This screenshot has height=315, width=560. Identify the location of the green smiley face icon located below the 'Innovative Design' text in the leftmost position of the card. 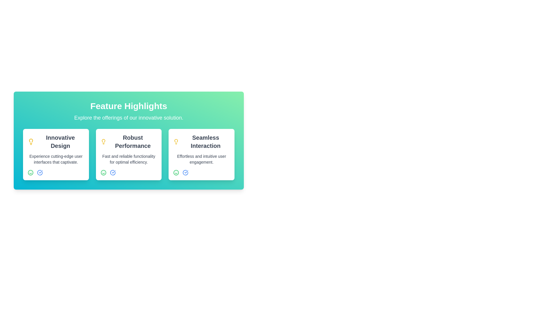
(30, 172).